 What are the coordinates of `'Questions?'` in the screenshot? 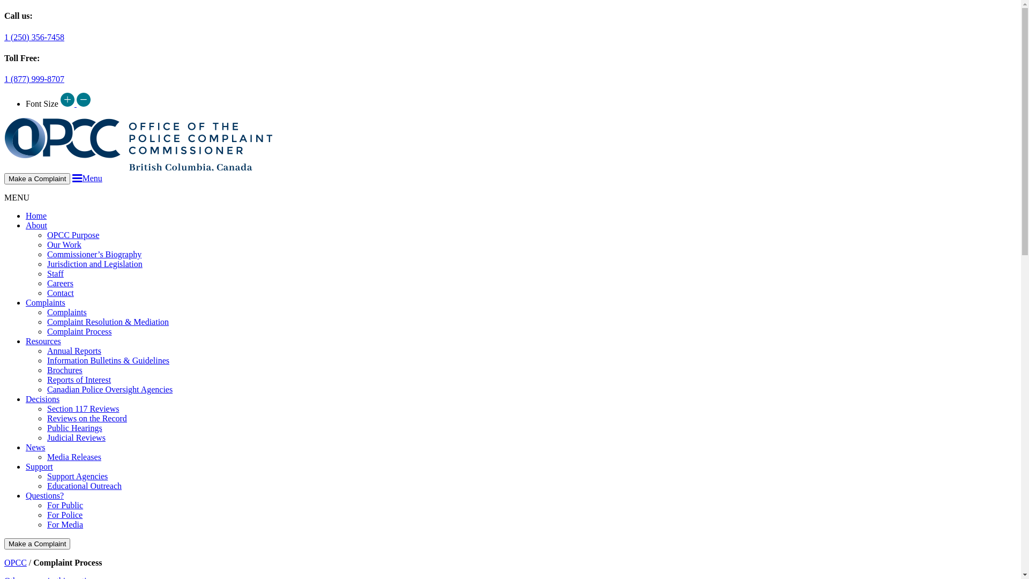 It's located at (44, 495).